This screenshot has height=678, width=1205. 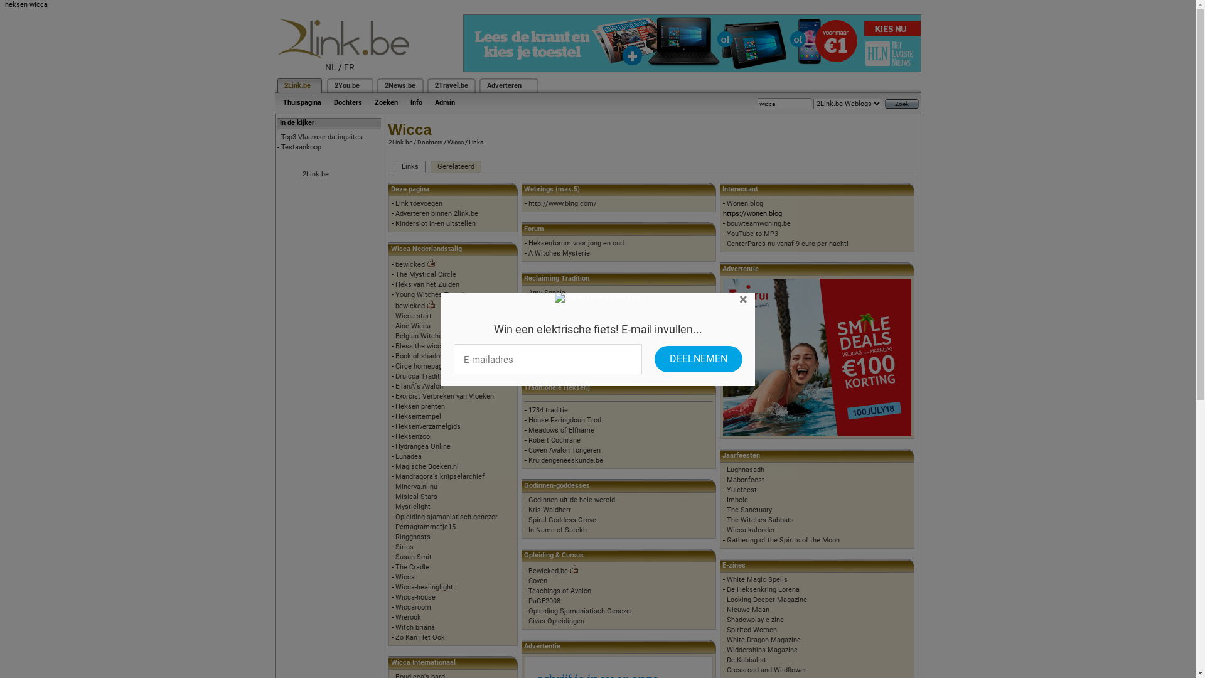 I want to click on 'Wicca kalender', so click(x=751, y=530).